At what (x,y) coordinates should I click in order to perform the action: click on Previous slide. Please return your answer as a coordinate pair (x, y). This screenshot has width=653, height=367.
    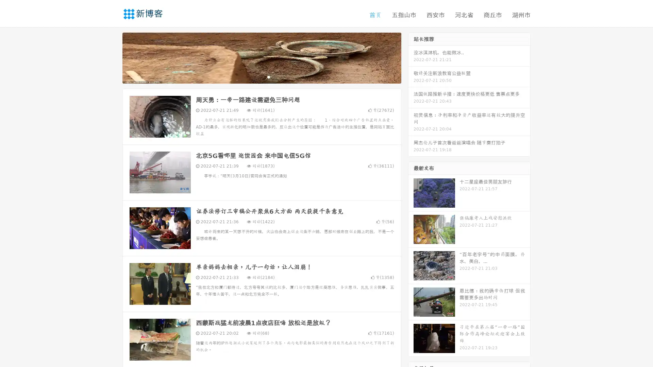
    Looking at the image, I should click on (112, 57).